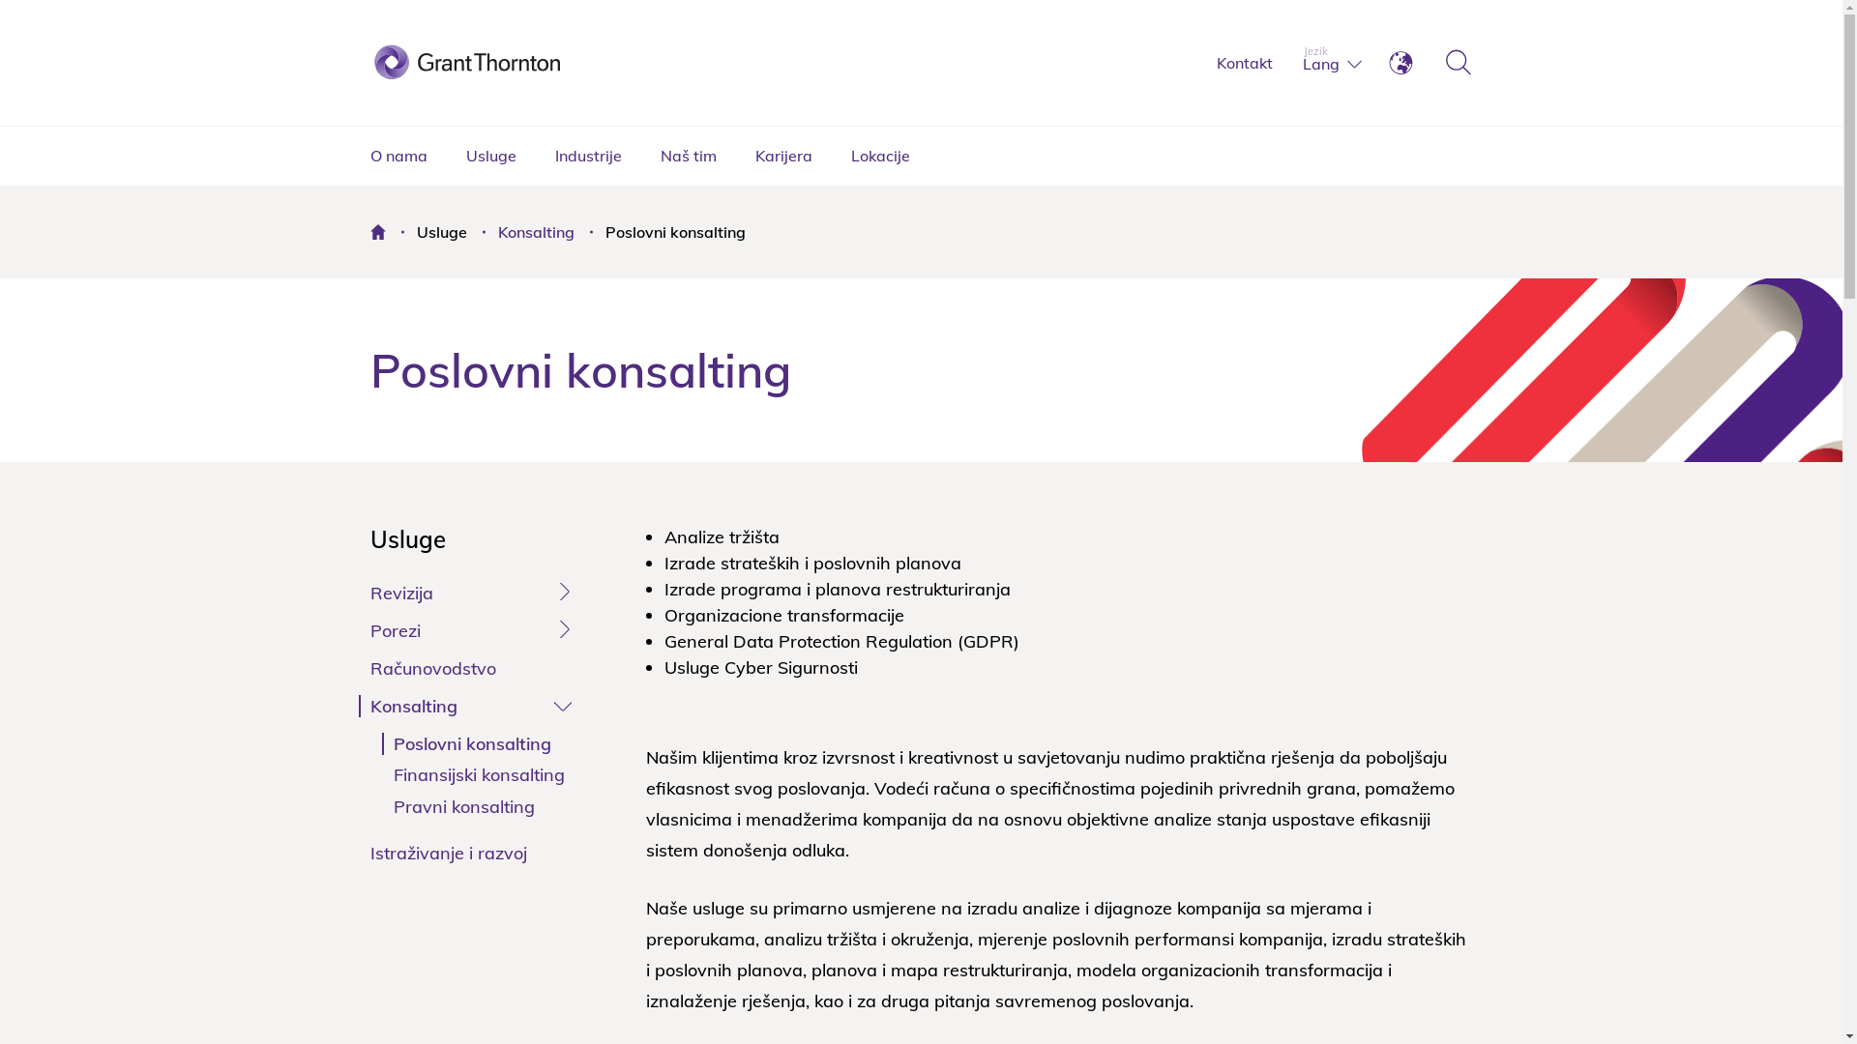 This screenshot has width=1857, height=1044. Describe the element at coordinates (471, 742) in the screenshot. I see `'Poslovni konsalting'` at that location.